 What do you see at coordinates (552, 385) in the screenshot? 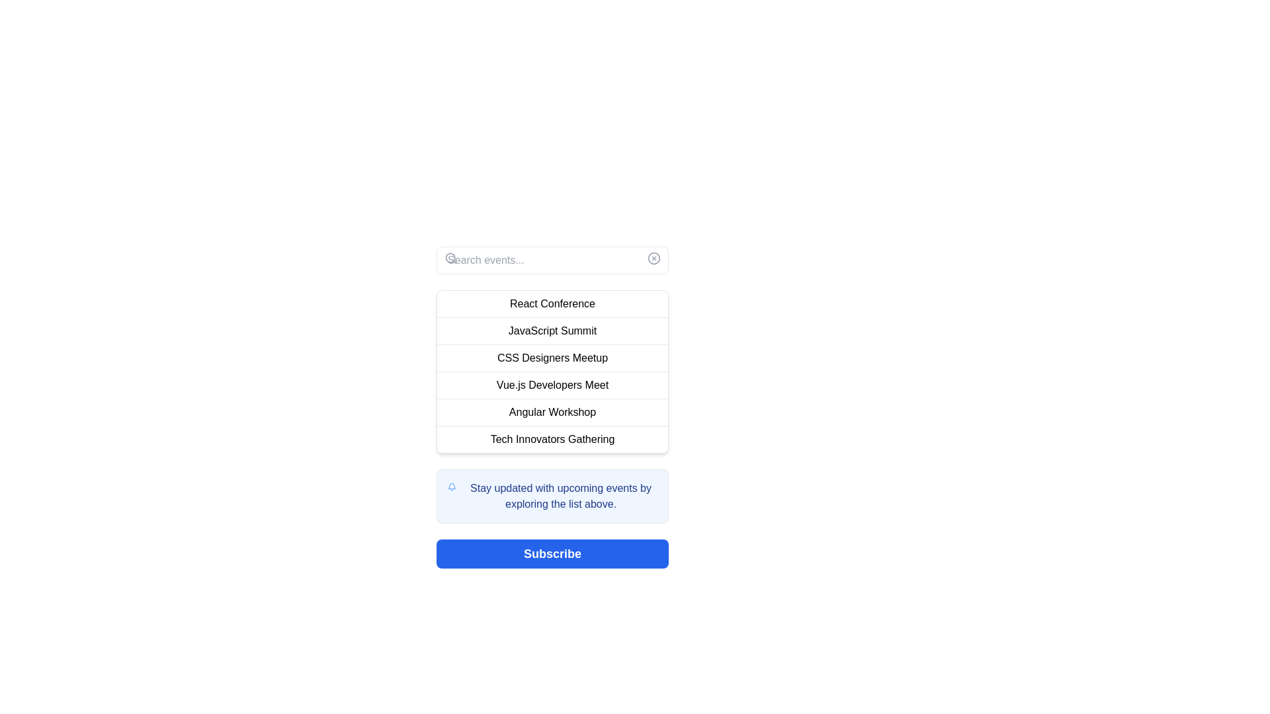
I see `to select the fourth entry in the event browsing list, which represents an event focused on Vue.js development, located below 'CSS Designers Meetup' and above 'Angular Workshop'` at bounding box center [552, 385].